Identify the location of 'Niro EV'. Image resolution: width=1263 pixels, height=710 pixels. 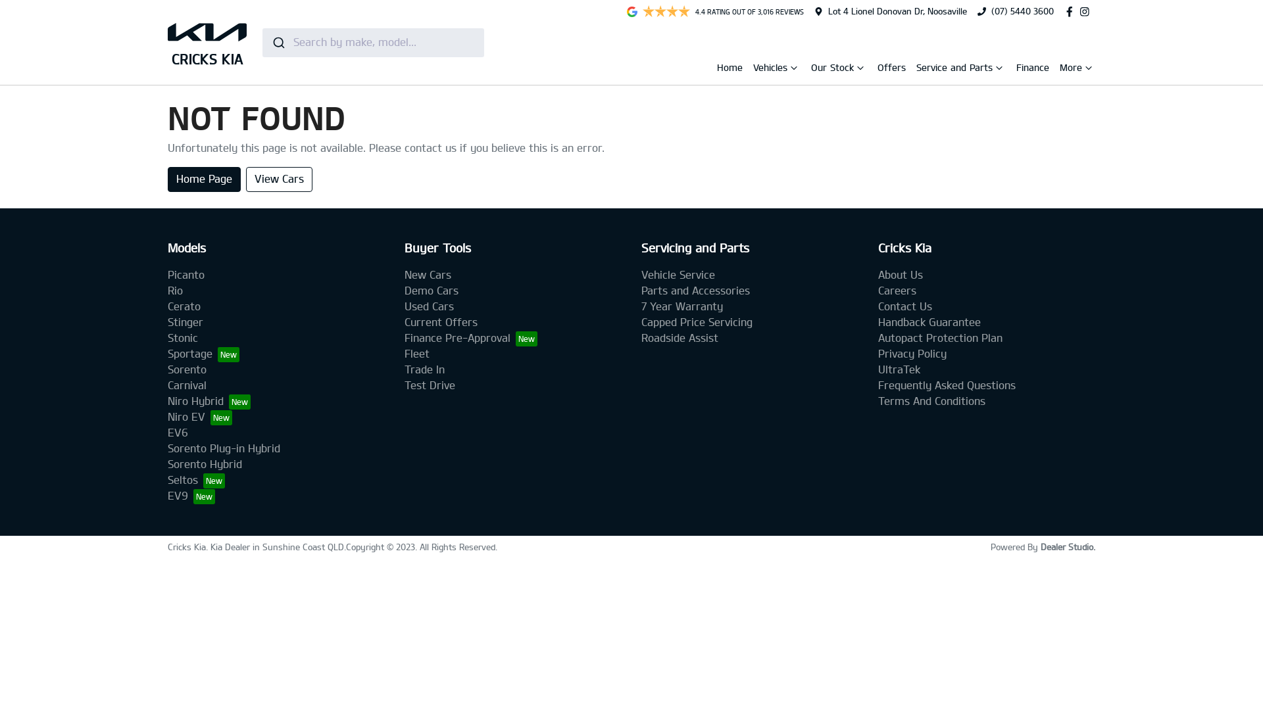
(199, 417).